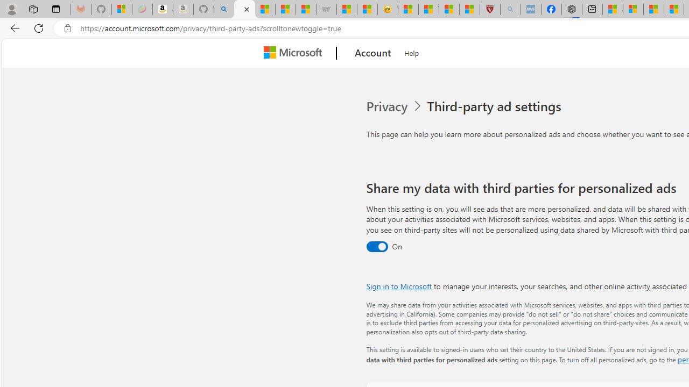 This screenshot has height=387, width=689. What do you see at coordinates (377, 247) in the screenshot?
I see `'Third party data sharing toggle'` at bounding box center [377, 247].